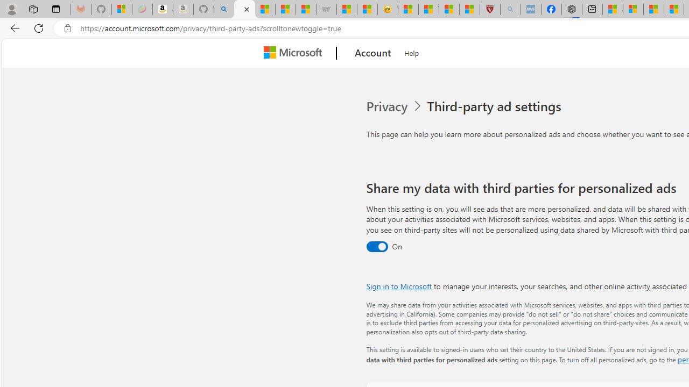 This screenshot has height=387, width=689. What do you see at coordinates (377, 247) in the screenshot?
I see `'Third party data sharing toggle'` at bounding box center [377, 247].